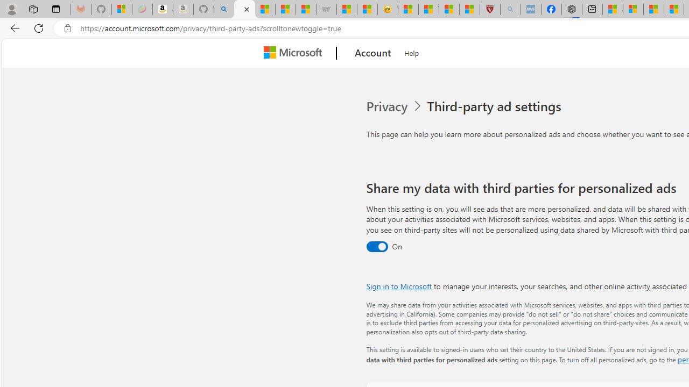 This screenshot has height=387, width=689. What do you see at coordinates (377, 247) in the screenshot?
I see `'Third party data sharing toggle'` at bounding box center [377, 247].